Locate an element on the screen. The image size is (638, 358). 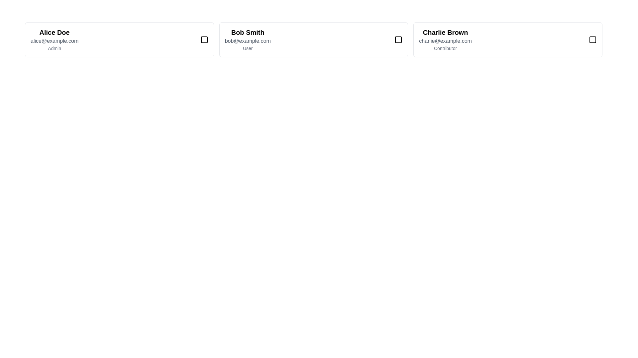
the 'Admin' text label, which is styled in small gray font and positioned at the bottom of a vertical list under the name 'Alice Doe' and the email 'alice@example.com' is located at coordinates (54, 48).